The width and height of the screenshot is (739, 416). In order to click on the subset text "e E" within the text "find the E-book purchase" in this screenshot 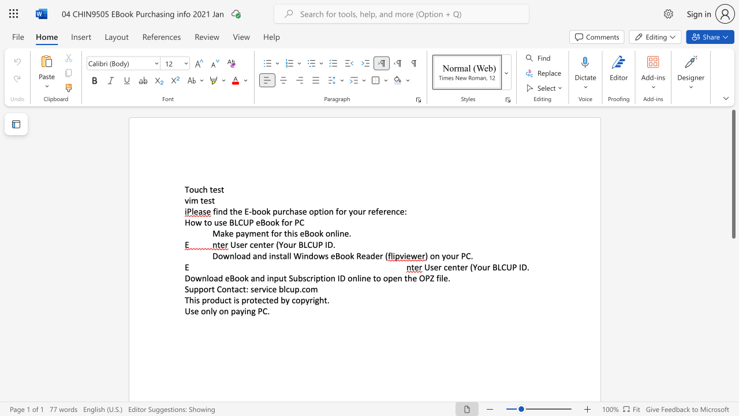, I will do `click(237, 211)`.